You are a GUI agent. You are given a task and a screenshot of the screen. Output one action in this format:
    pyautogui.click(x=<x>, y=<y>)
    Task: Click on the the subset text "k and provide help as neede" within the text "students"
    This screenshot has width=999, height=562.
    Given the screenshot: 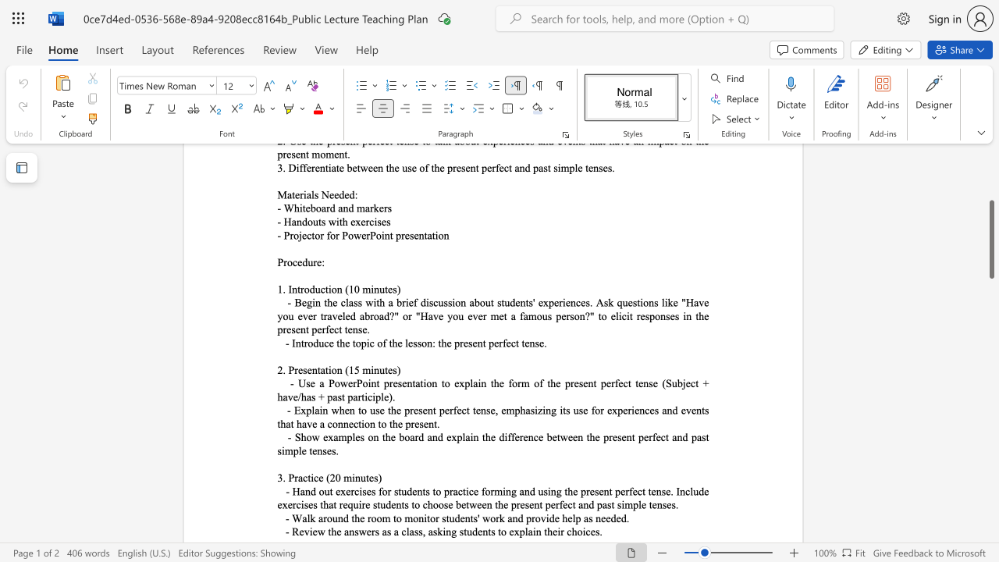 What is the action you would take?
    pyautogui.click(x=498, y=518)
    